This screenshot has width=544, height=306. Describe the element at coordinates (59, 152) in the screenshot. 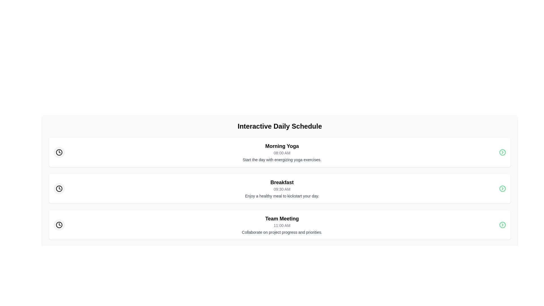

I see `the circular outline graphic representing the clock icon located at the top left corner of the schedule interface, next to the 'Morning Yoga' text` at that location.